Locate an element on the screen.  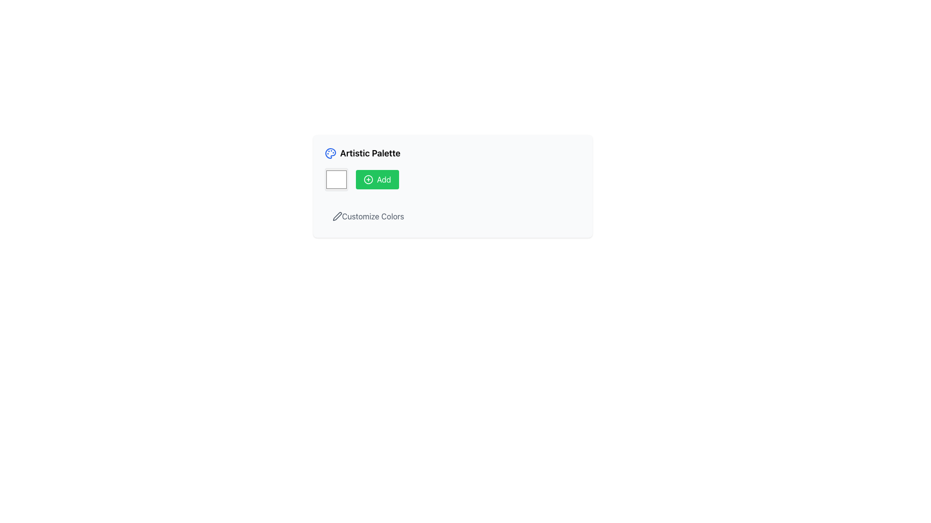
the button located in the 'Artistic Palette' card is located at coordinates (452, 216).